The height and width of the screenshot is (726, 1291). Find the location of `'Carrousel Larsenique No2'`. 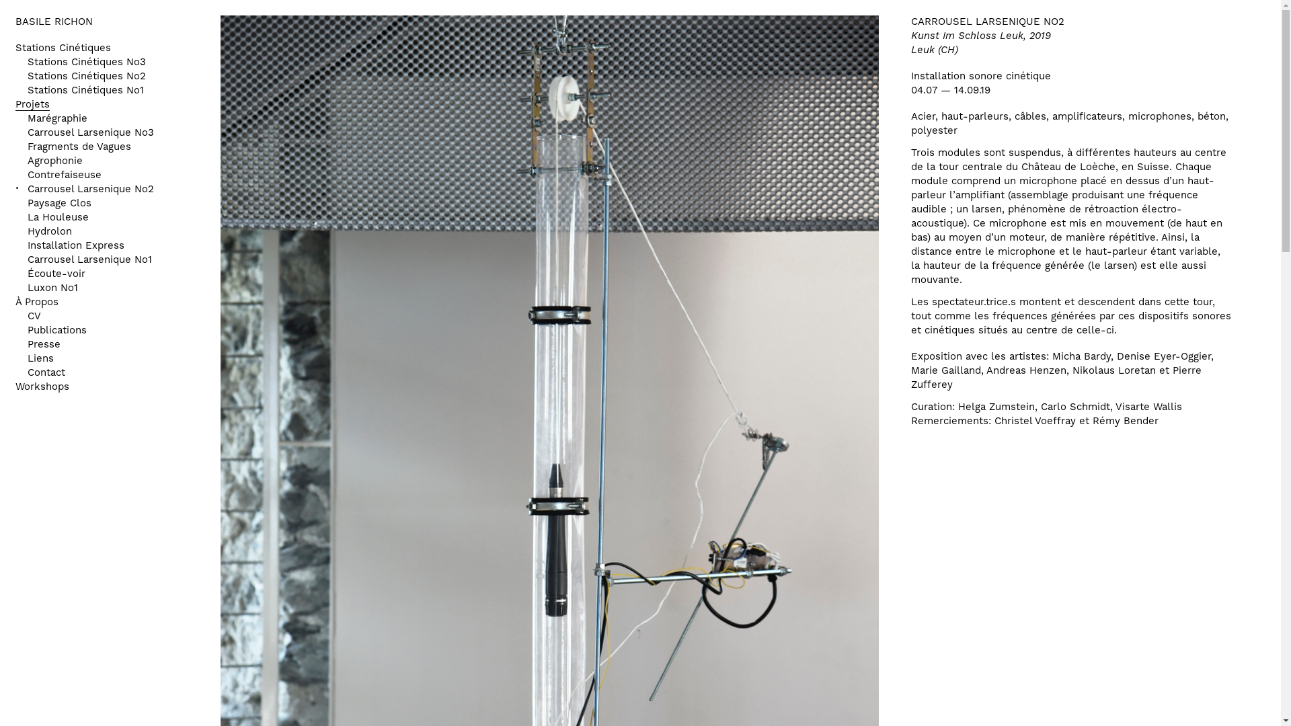

'Carrousel Larsenique No2' is located at coordinates (89, 190).